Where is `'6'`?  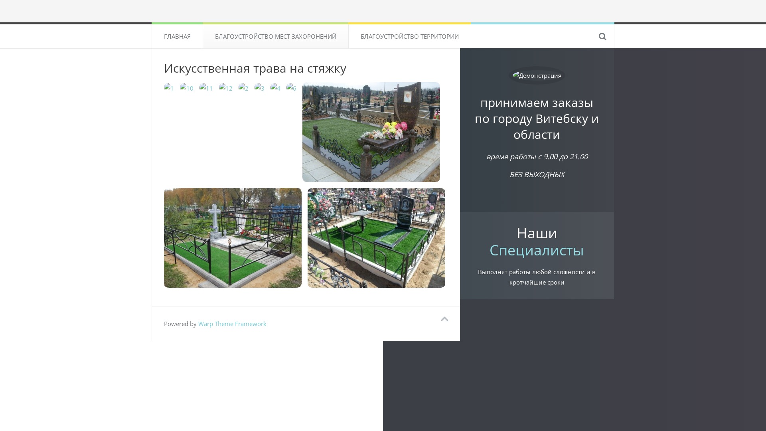 '6' is located at coordinates (291, 87).